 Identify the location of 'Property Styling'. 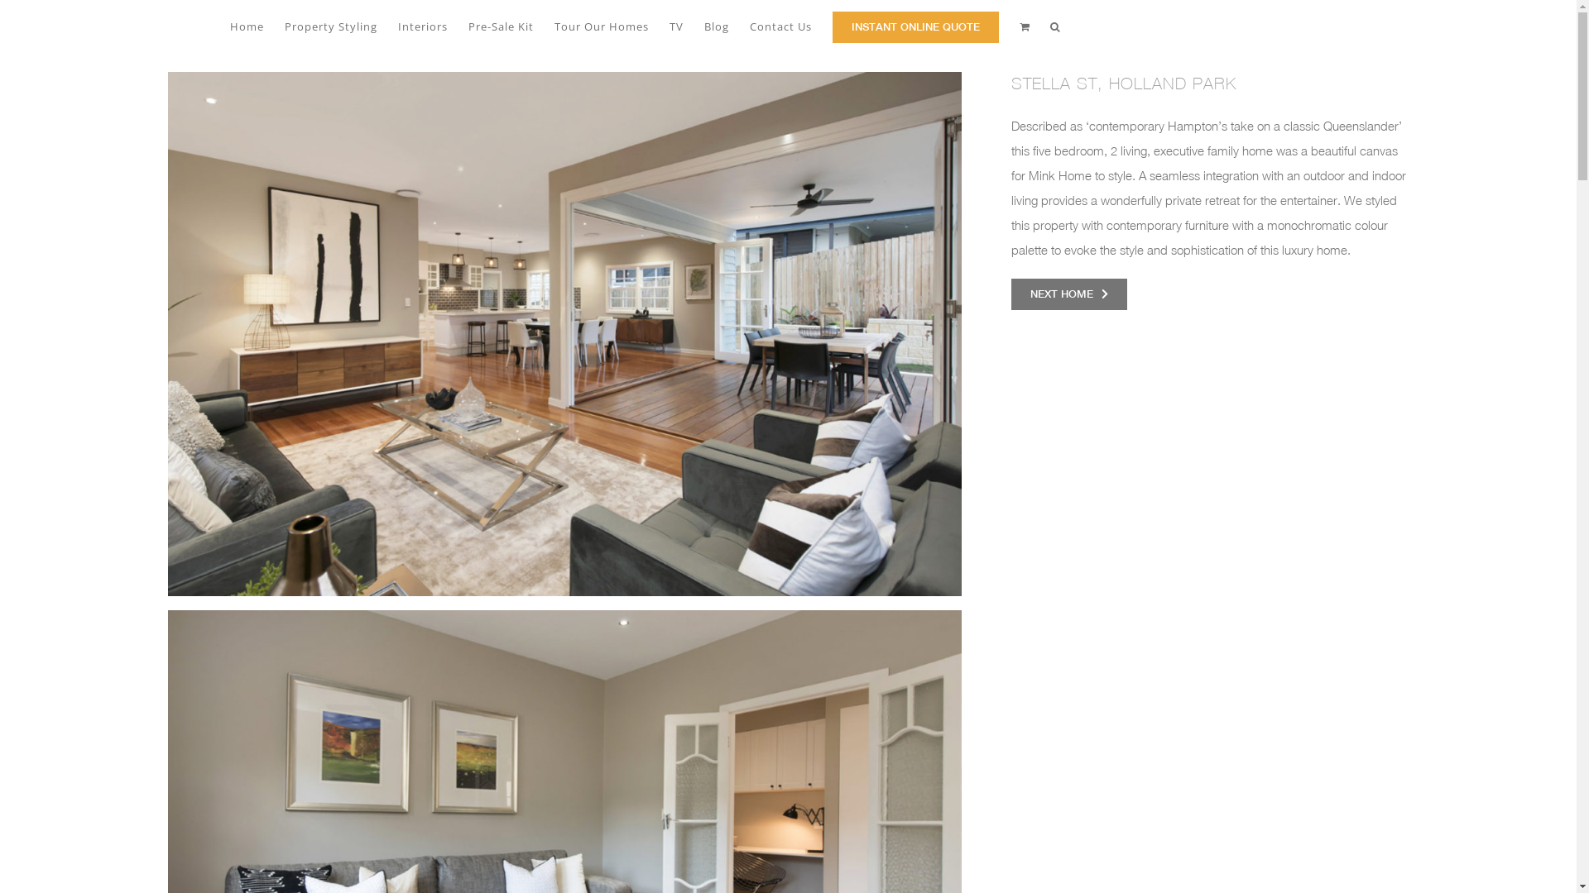
(330, 25).